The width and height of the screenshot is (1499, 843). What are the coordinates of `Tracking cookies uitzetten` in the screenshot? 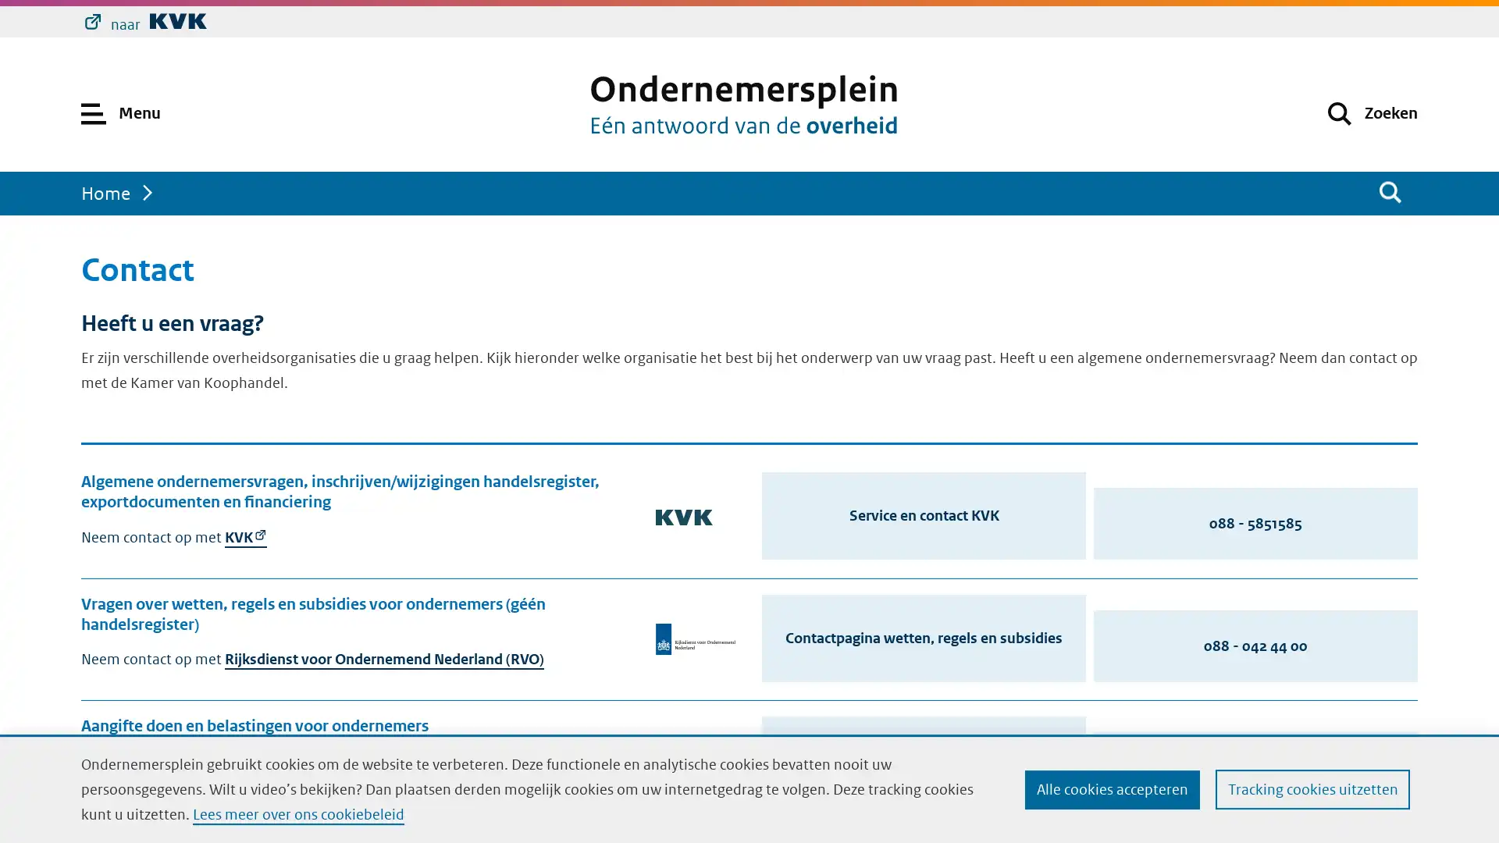 It's located at (1312, 789).